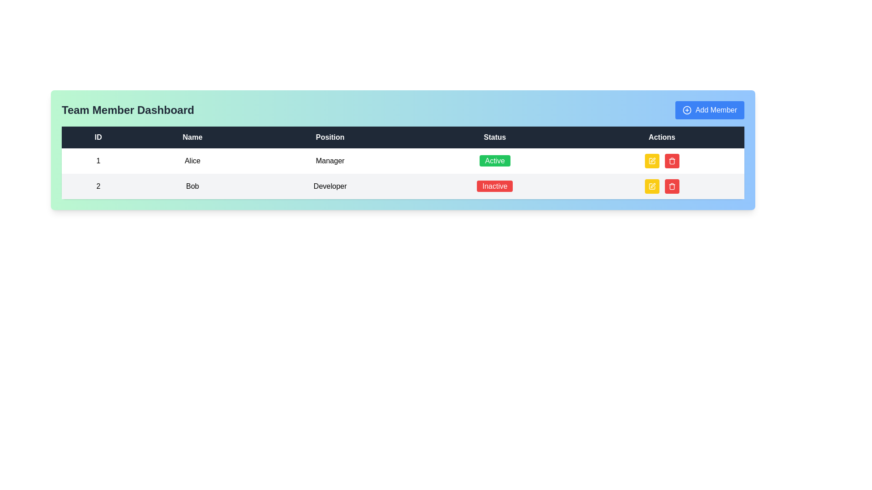  Describe the element at coordinates (494, 160) in the screenshot. I see `the 'Active' text label with a white font on a green background, located in the Status column of the first row in the table` at that location.